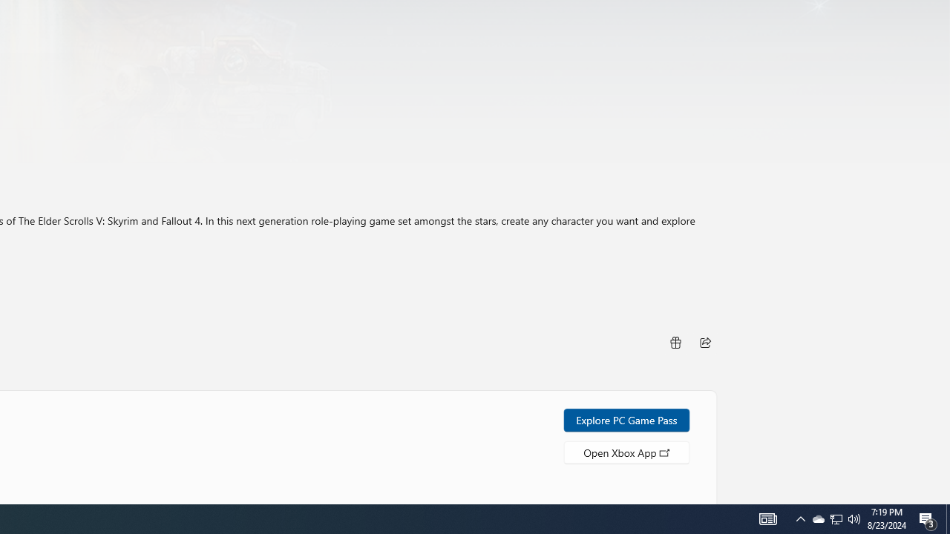  I want to click on 'Open Xbox App', so click(626, 451).